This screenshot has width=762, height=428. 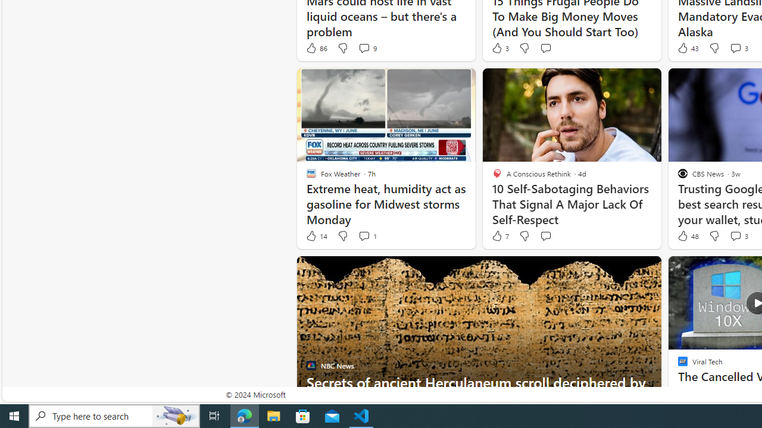 I want to click on '7 Like', so click(x=499, y=236).